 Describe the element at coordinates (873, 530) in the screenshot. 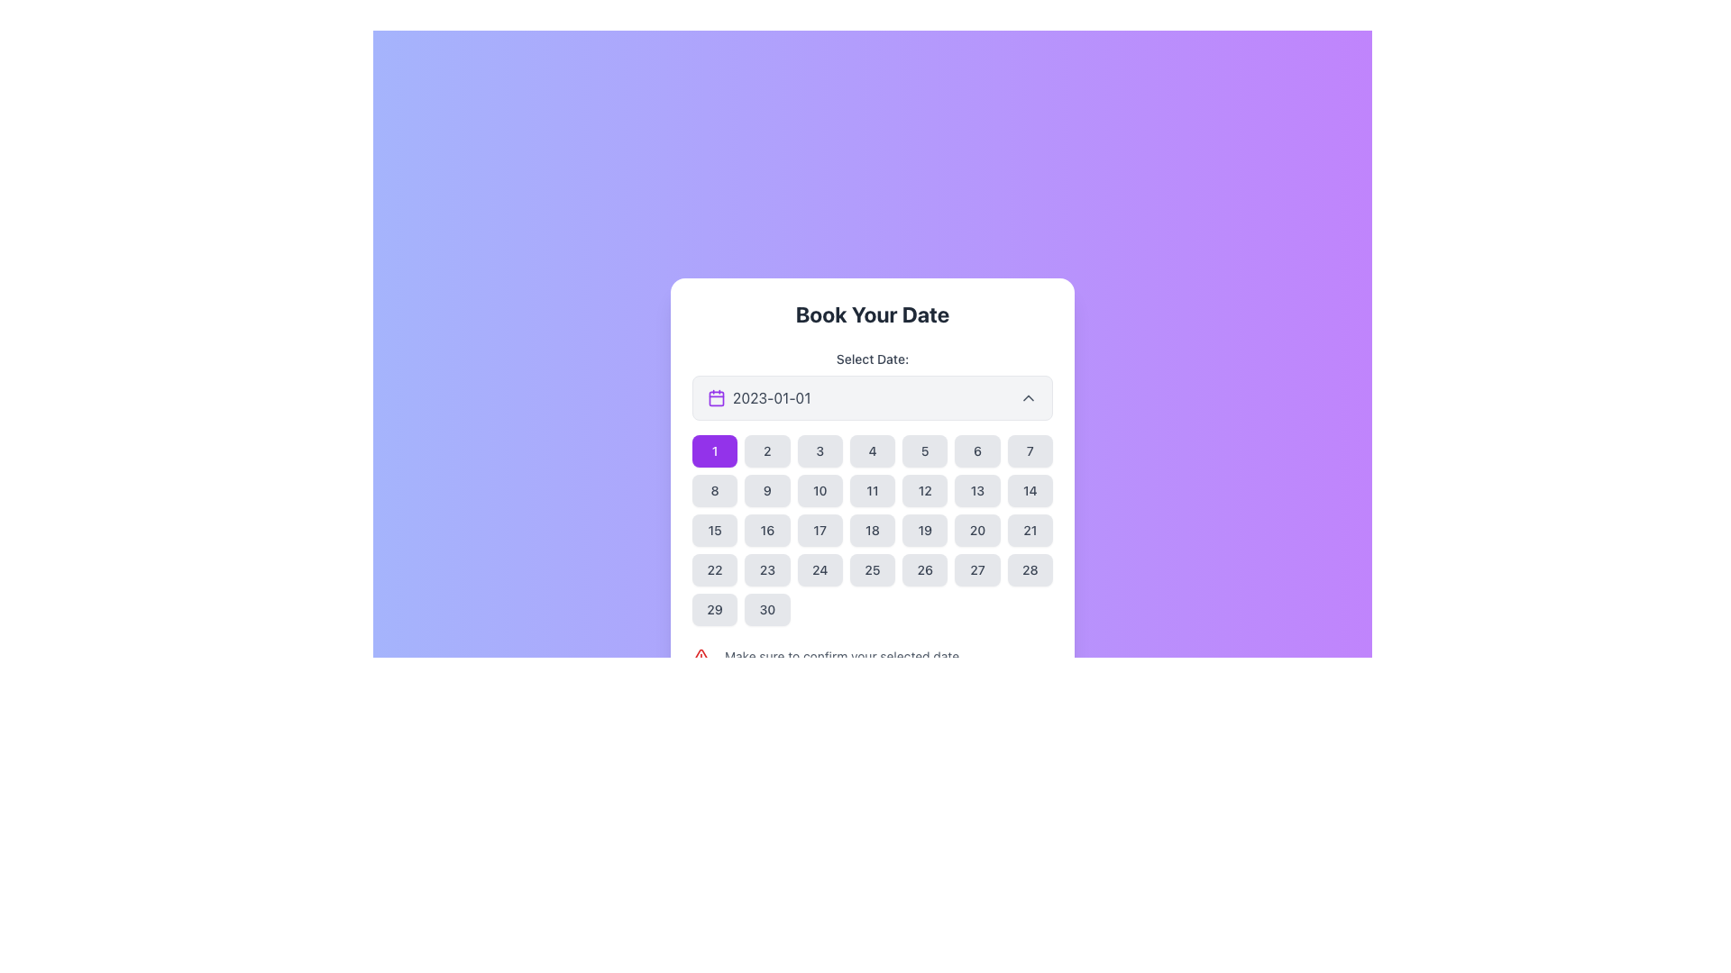

I see `the button labeled '18' which is styled as a rounded rectangle with a grey background, located in the third row and fourth column of the calendar grid` at that location.